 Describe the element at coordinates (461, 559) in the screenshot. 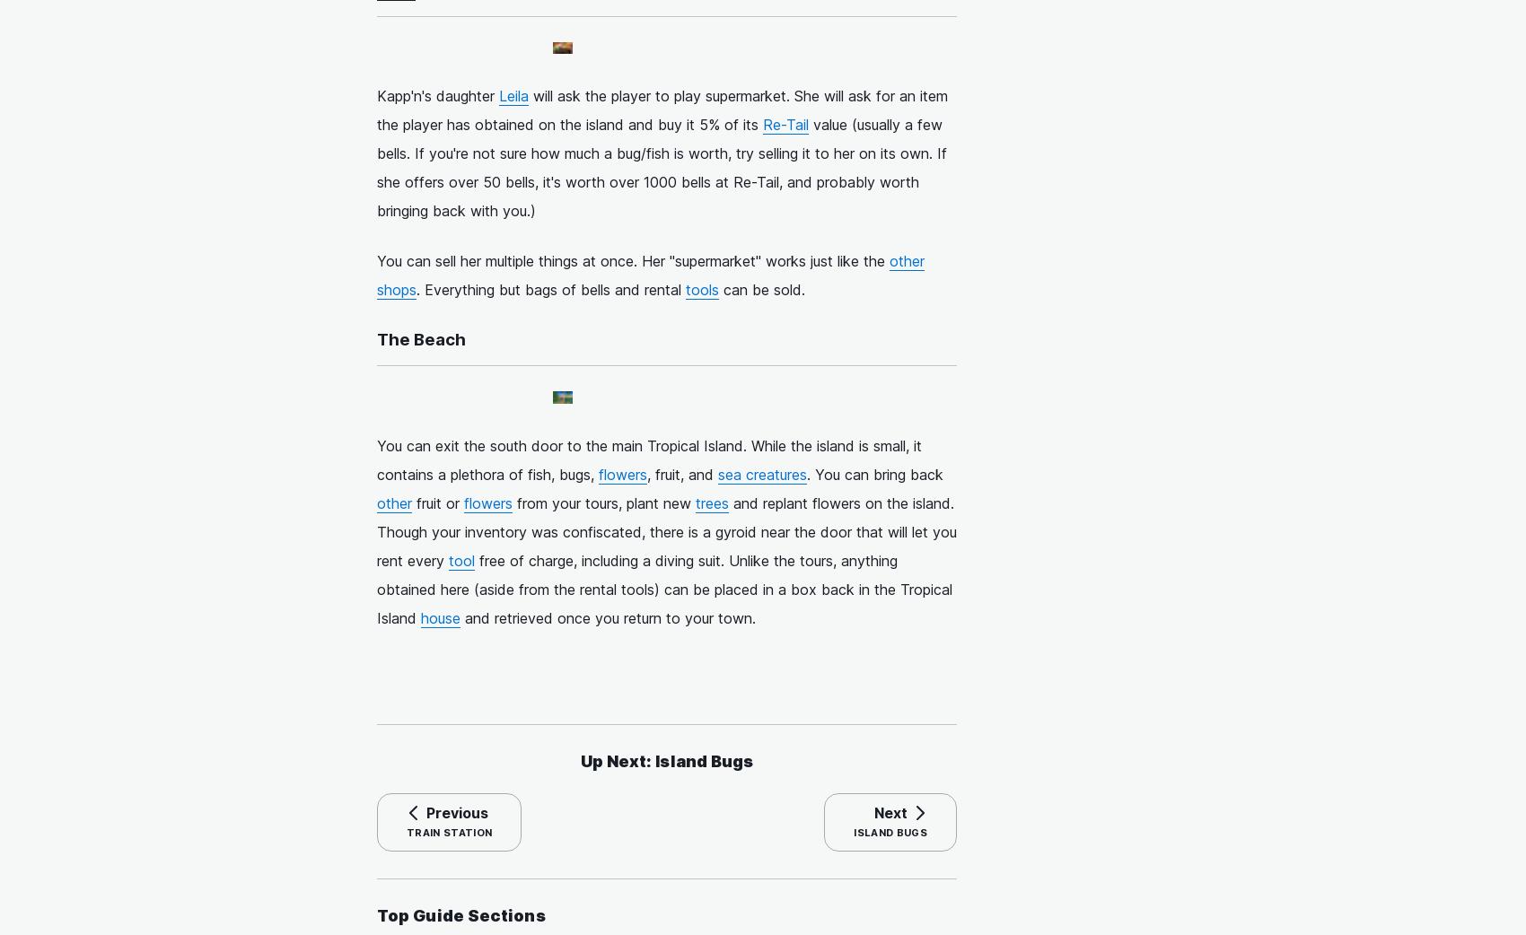

I see `'tool'` at that location.